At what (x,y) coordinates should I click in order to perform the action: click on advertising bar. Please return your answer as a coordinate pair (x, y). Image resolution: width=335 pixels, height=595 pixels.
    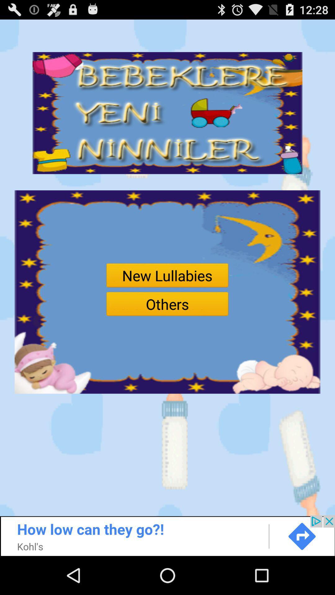
    Looking at the image, I should click on (167, 535).